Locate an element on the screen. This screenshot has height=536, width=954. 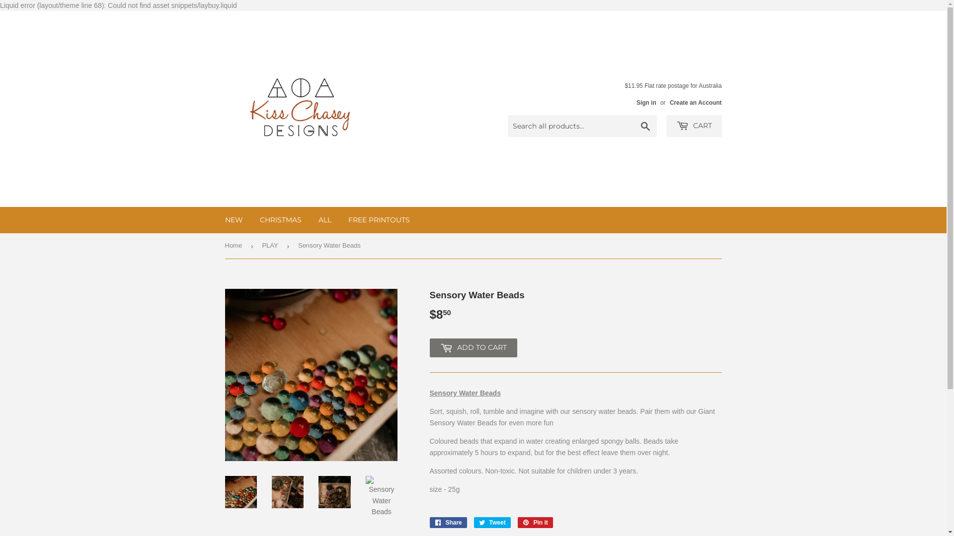
'CHRISTMAS' is located at coordinates (280, 219).